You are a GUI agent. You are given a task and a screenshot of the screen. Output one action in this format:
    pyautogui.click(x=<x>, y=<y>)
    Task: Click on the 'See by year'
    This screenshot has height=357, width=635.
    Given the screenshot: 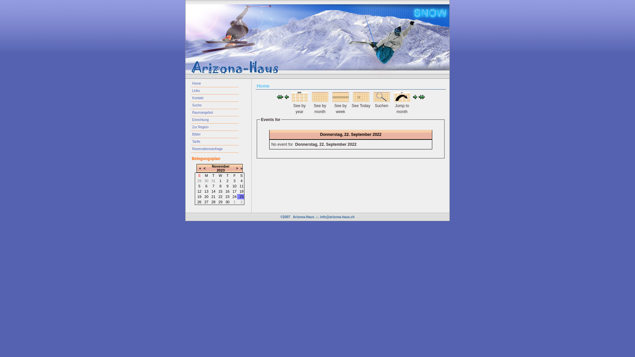 What is the action you would take?
    pyautogui.click(x=299, y=100)
    